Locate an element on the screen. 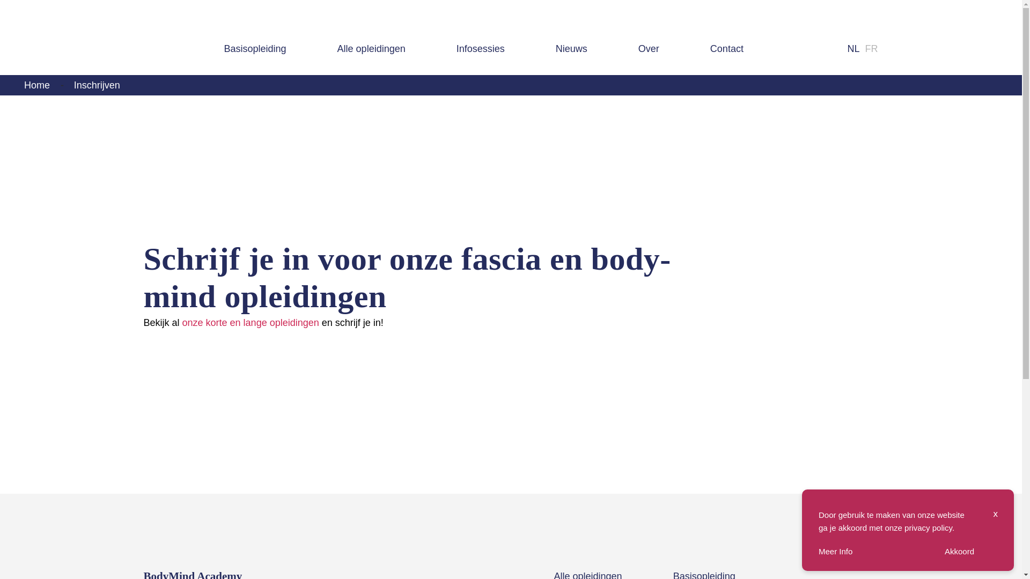 The image size is (1030, 579). 'NL' is located at coordinates (852, 48).